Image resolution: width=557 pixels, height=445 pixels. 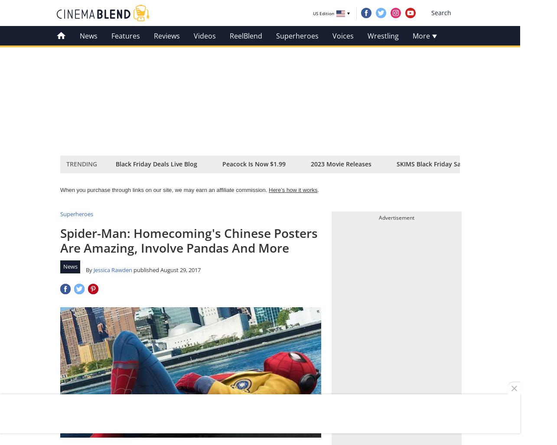 What do you see at coordinates (205, 35) in the screenshot?
I see `'Videos'` at bounding box center [205, 35].